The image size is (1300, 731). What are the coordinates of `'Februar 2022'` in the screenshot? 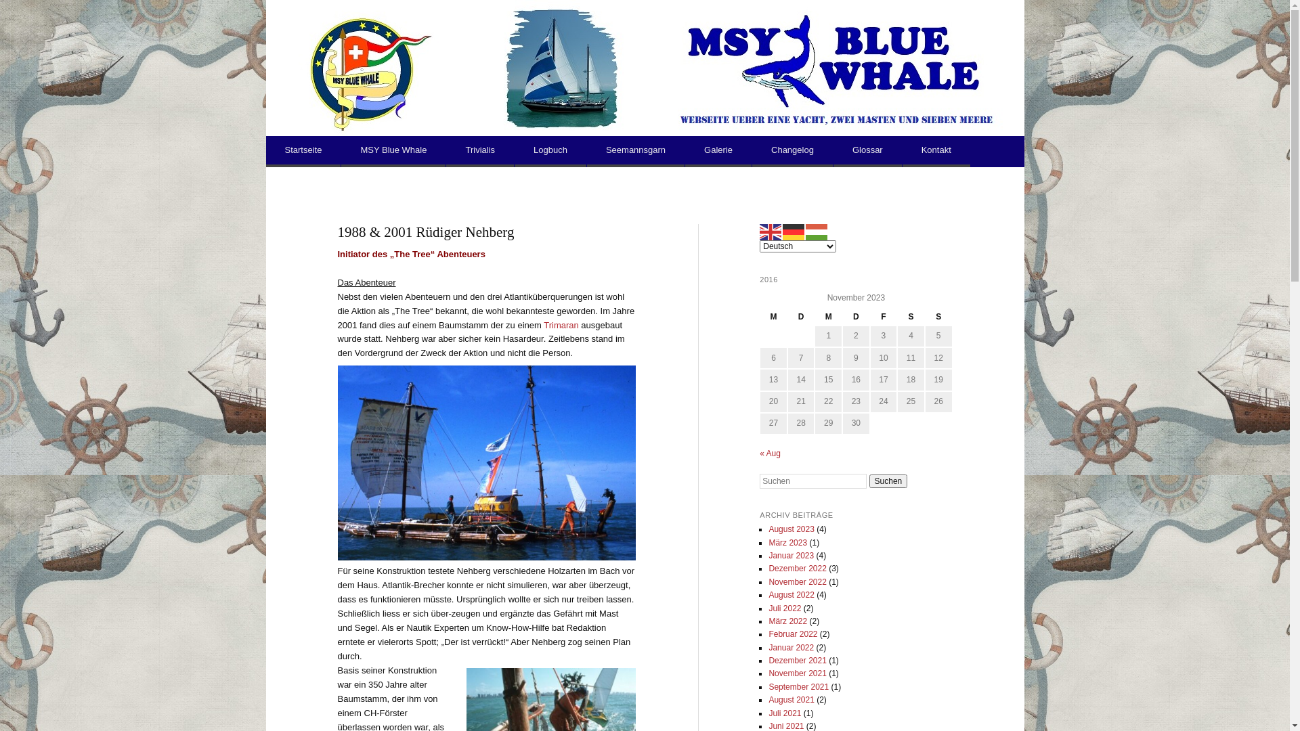 It's located at (793, 634).